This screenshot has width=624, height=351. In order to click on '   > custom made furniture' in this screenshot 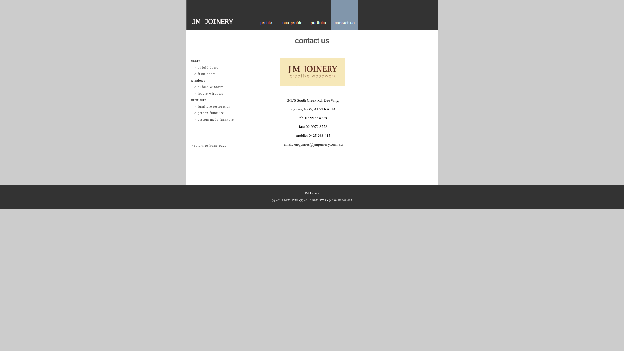, I will do `click(217, 119)`.